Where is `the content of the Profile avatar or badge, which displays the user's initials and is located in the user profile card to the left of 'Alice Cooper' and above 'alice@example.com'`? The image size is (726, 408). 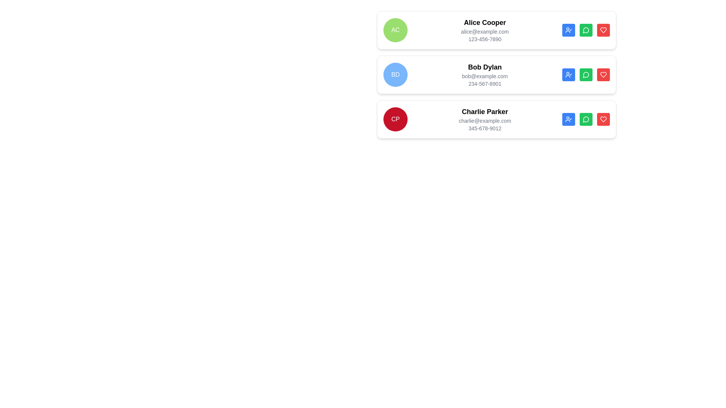
the content of the Profile avatar or badge, which displays the user's initials and is located in the user profile card to the left of 'Alice Cooper' and above 'alice@example.com' is located at coordinates (395, 30).